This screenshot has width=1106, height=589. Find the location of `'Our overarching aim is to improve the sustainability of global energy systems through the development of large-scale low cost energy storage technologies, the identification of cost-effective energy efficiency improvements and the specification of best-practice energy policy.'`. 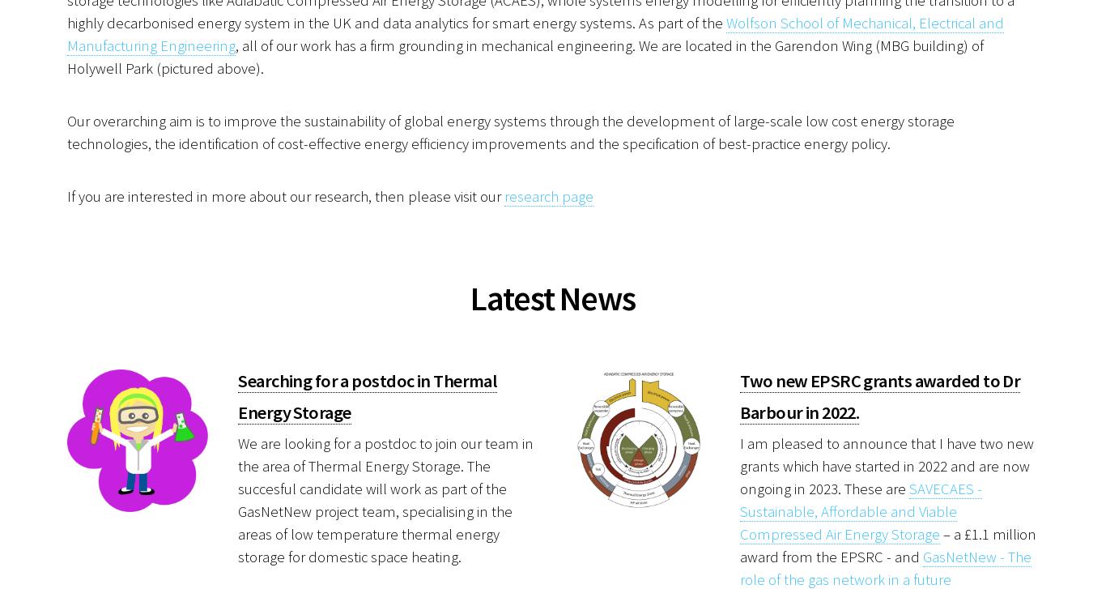

'Our overarching aim is to improve the sustainability of global energy systems through the development of large-scale low cost energy storage technologies, the identification of cost-effective energy efficiency improvements and the specification of best-practice energy policy.' is located at coordinates (509, 131).